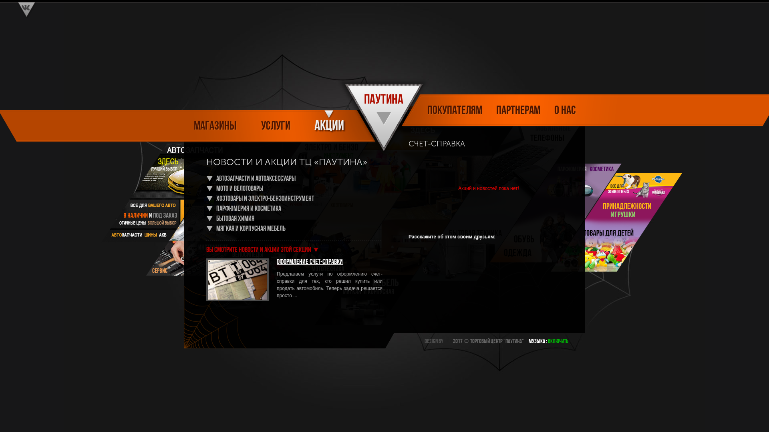 This screenshot has width=769, height=432. I want to click on 'Design by', so click(433, 342).